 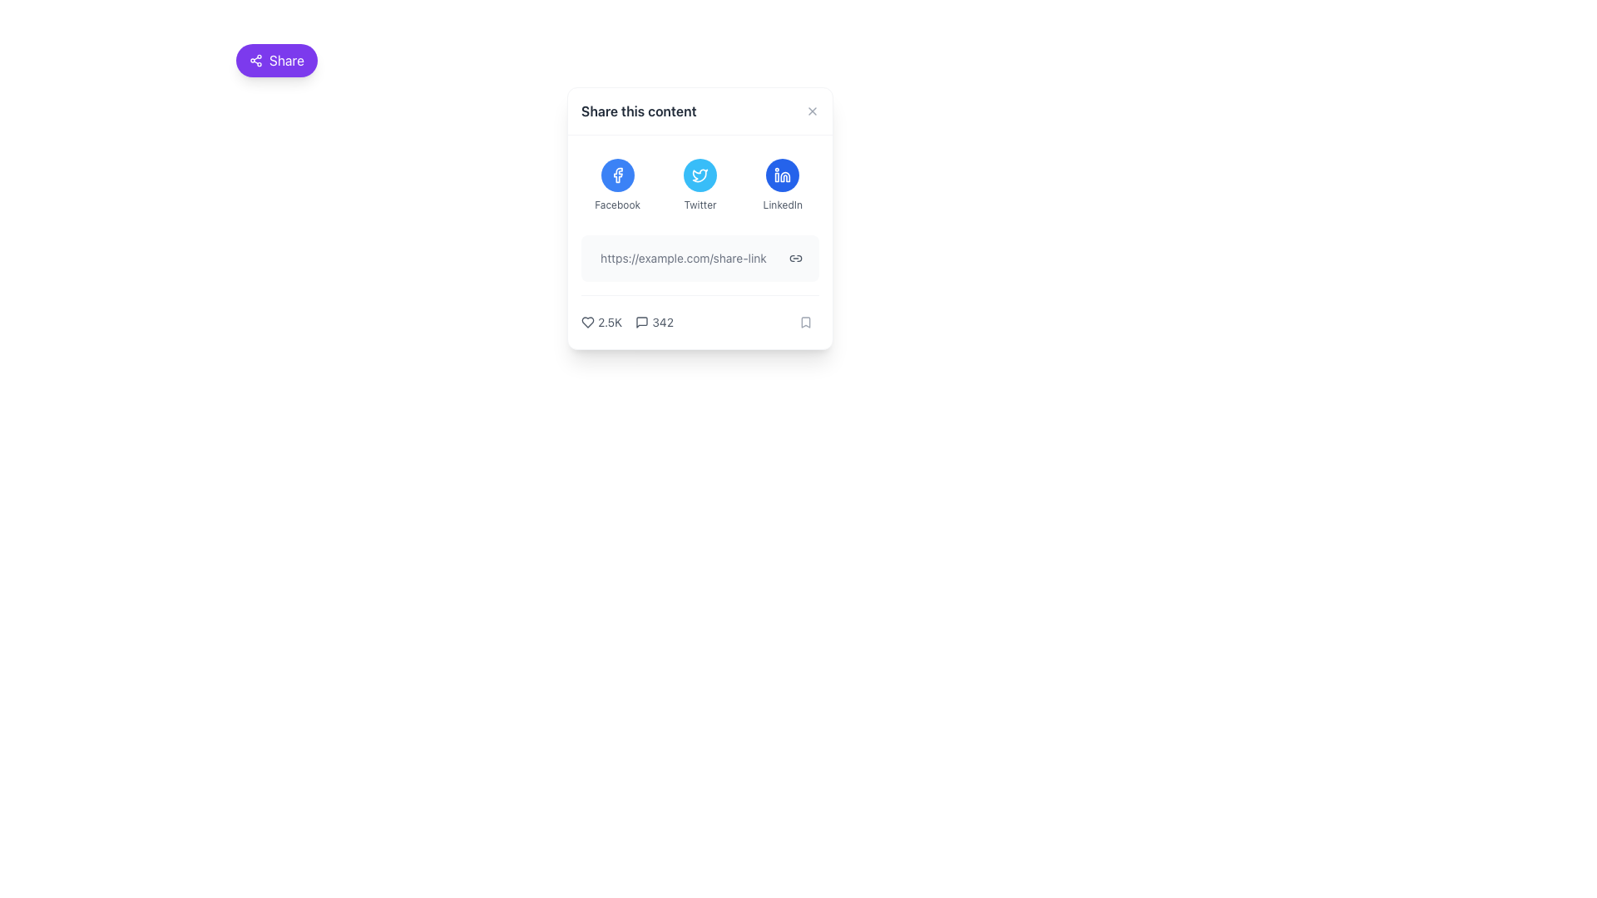 I want to click on the text label element reading 'Twitter', which is styled in gray and positioned below the circular Twitter logo icon, so click(x=700, y=204).